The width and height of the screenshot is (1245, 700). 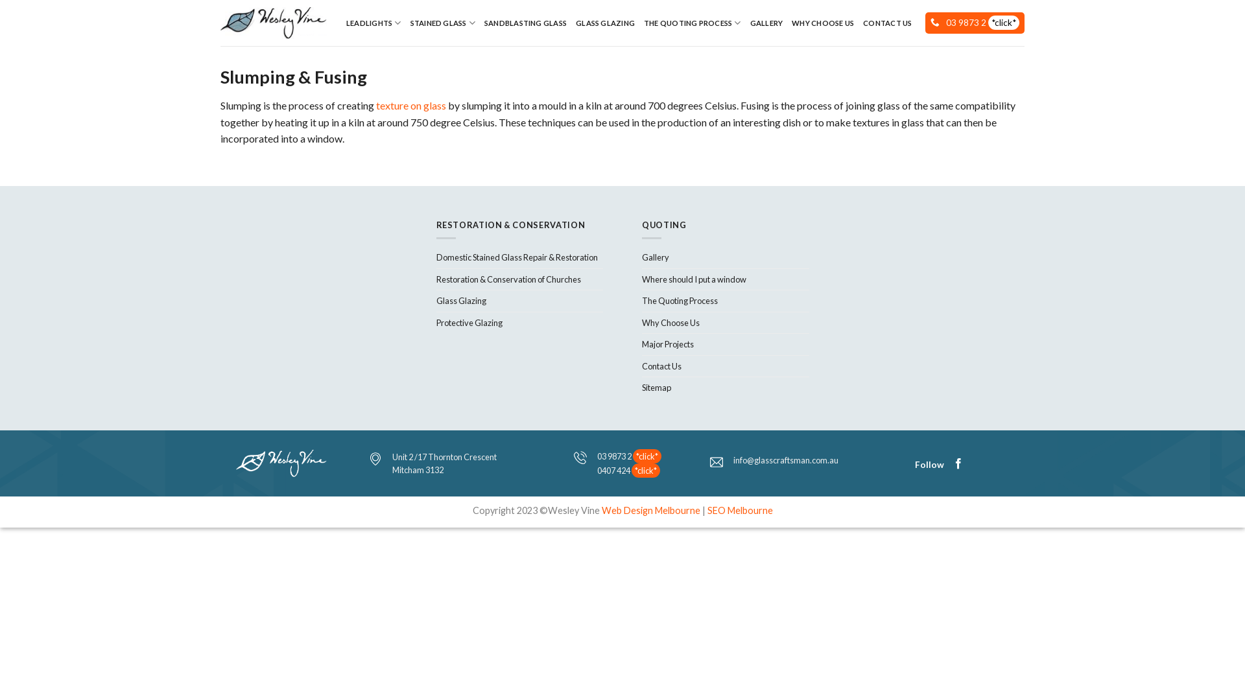 What do you see at coordinates (273, 23) in the screenshot?
I see `'Leadlight Windows'` at bounding box center [273, 23].